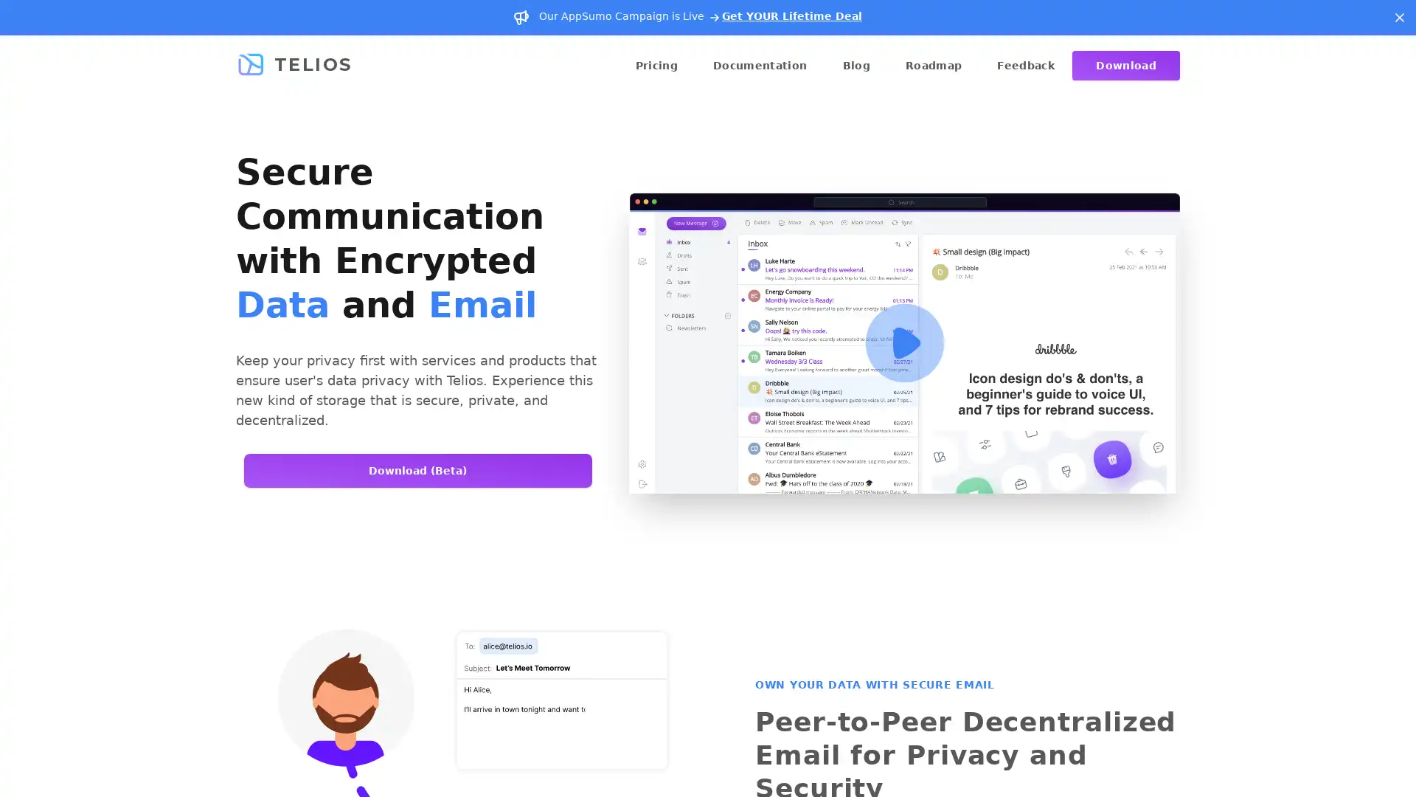 The width and height of the screenshot is (1416, 797). I want to click on Dismiss, so click(1398, 17).